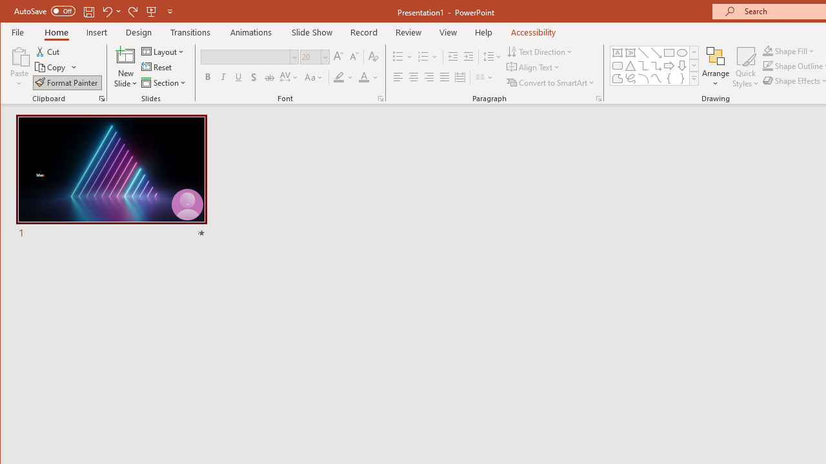 Image resolution: width=826 pixels, height=464 pixels. What do you see at coordinates (767, 66) in the screenshot?
I see `'Shape Outline Blue, Accent 1'` at bounding box center [767, 66].